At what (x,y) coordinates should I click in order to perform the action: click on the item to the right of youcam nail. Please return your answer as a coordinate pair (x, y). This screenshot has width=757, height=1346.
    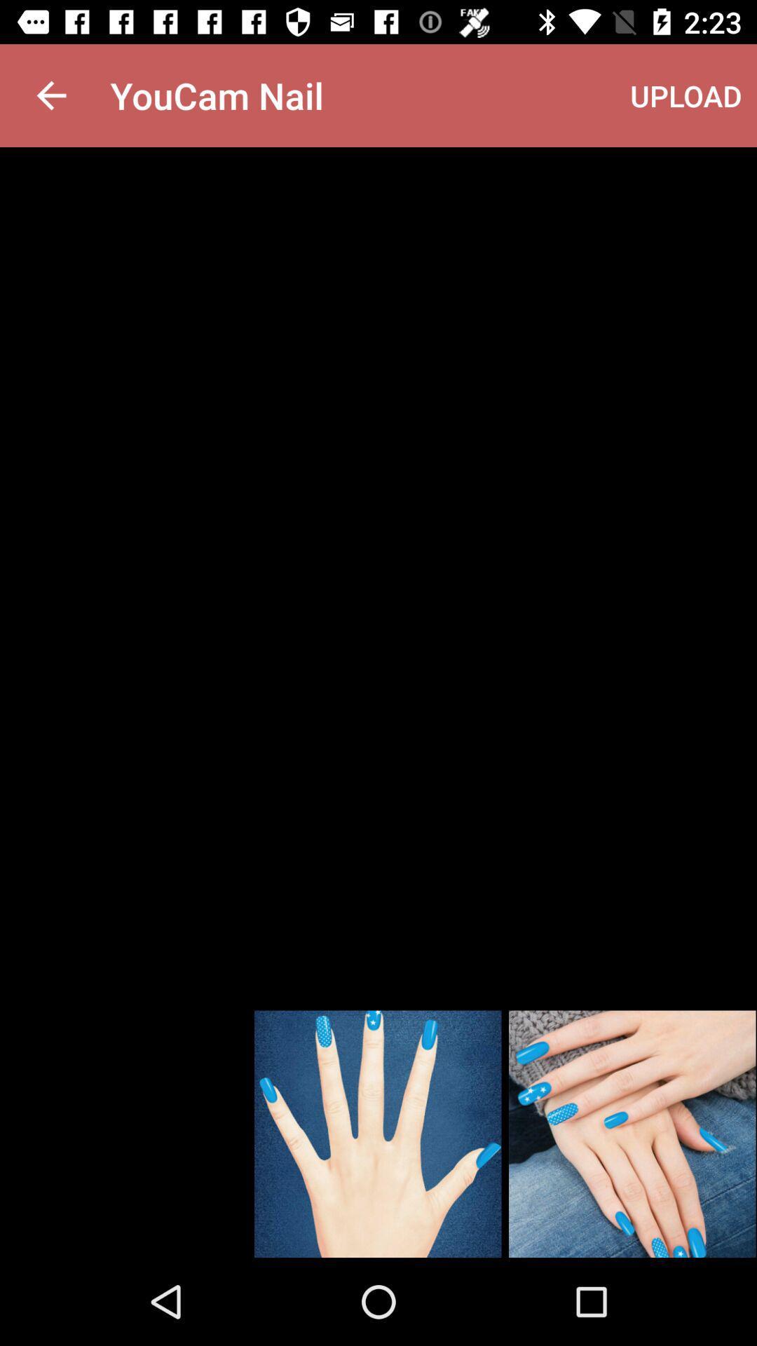
    Looking at the image, I should click on (686, 95).